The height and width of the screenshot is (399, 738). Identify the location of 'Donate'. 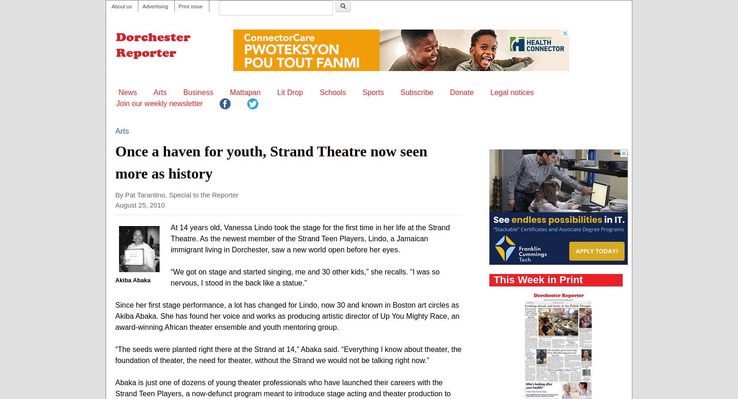
(461, 91).